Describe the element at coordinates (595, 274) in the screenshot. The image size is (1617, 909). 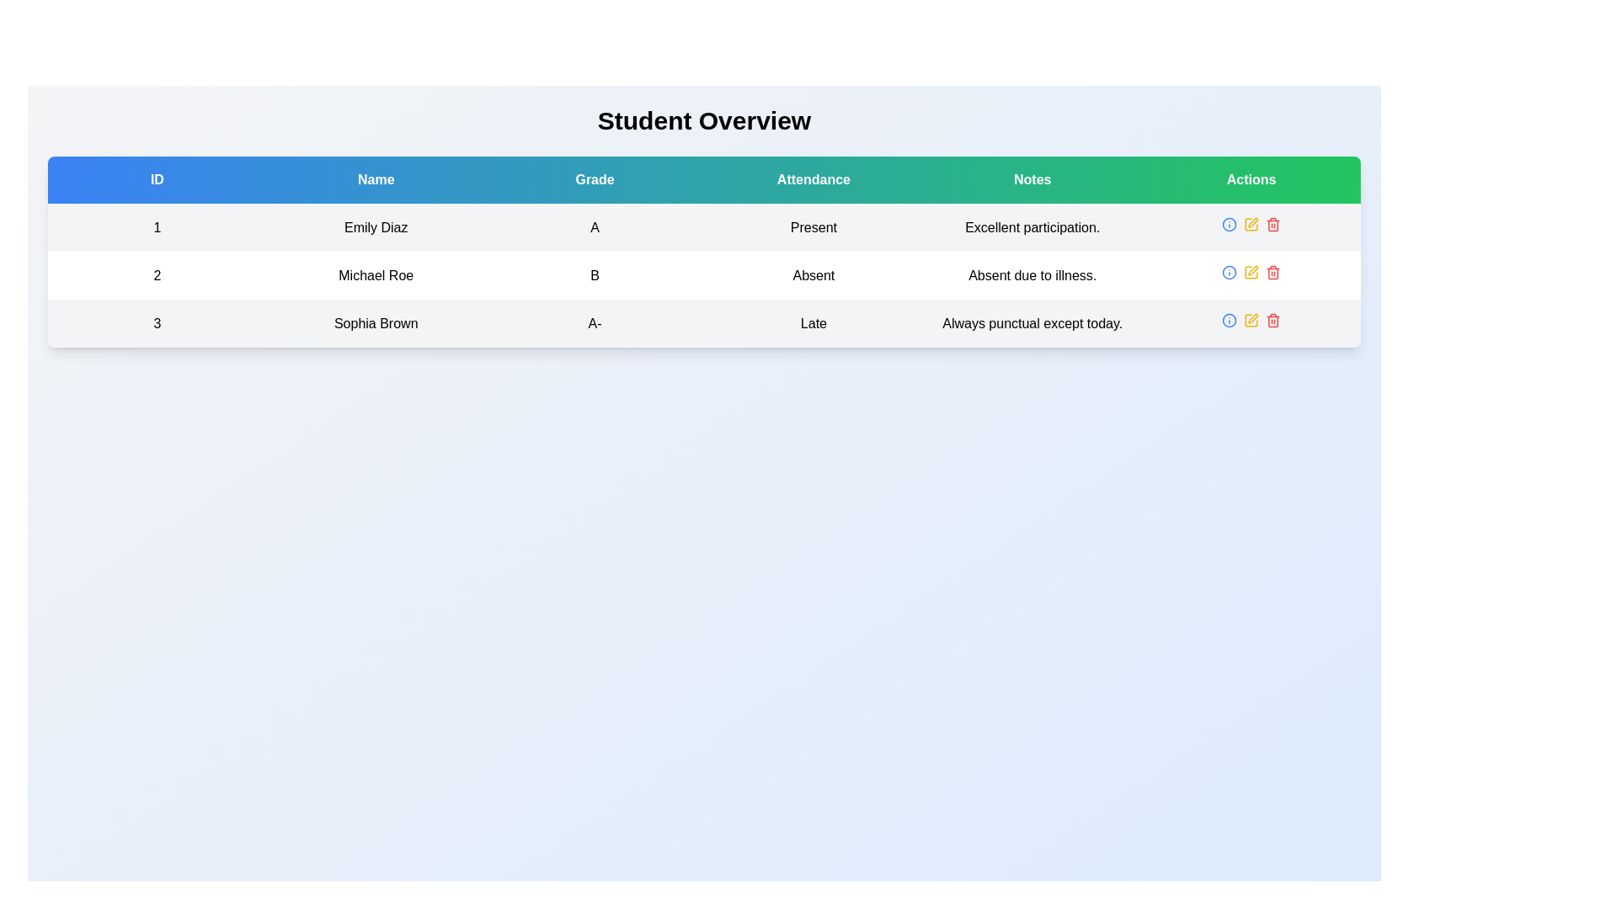
I see `the table cell containing the bold, centered text 'B' in the 'Grade' column, which is aligned with the name 'Michael Roe' and positioned between 'A' and 'A-' in the second row` at that location.